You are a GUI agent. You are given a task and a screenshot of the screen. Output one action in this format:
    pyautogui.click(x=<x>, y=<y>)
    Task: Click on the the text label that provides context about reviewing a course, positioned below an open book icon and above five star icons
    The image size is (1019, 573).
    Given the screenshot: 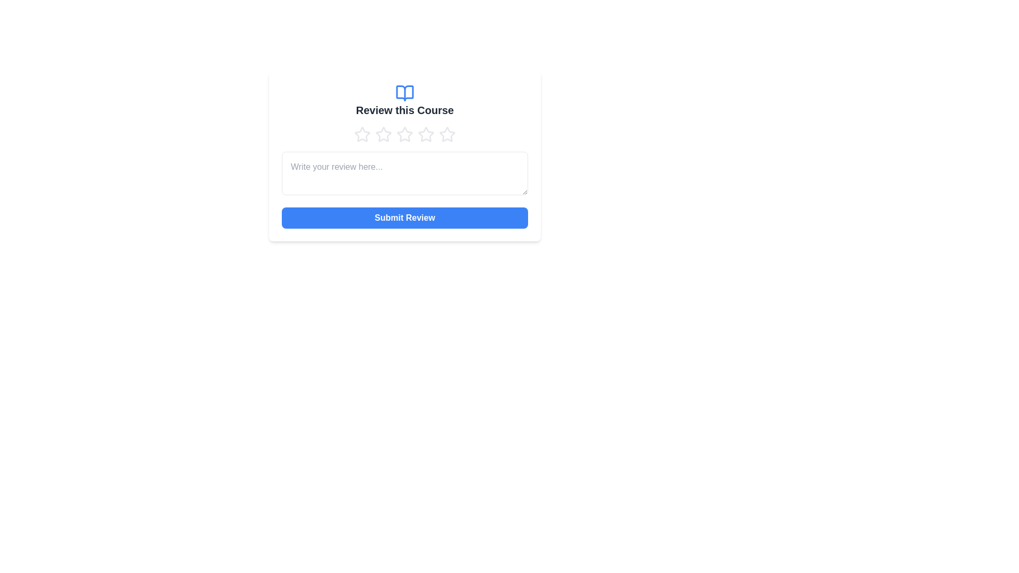 What is the action you would take?
    pyautogui.click(x=404, y=110)
    